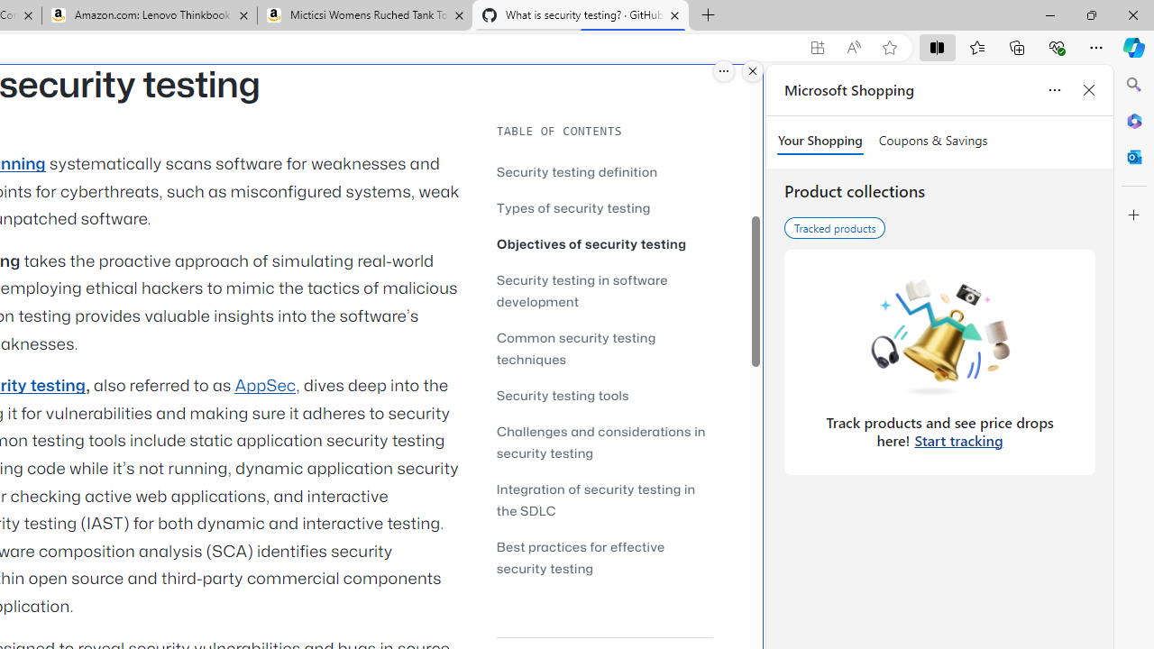 This screenshot has width=1154, height=649. What do you see at coordinates (604, 556) in the screenshot?
I see `'Best practices for effective security testing'` at bounding box center [604, 556].